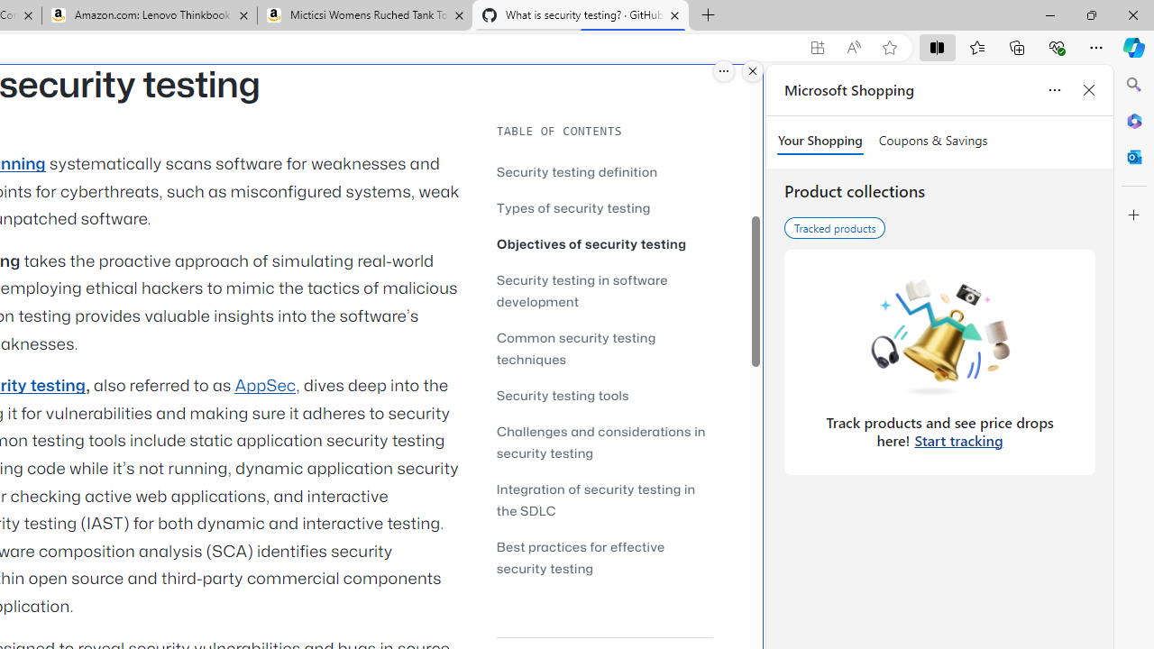 This screenshot has width=1154, height=649. What do you see at coordinates (604, 556) in the screenshot?
I see `'Best practices for effective security testing'` at bounding box center [604, 556].